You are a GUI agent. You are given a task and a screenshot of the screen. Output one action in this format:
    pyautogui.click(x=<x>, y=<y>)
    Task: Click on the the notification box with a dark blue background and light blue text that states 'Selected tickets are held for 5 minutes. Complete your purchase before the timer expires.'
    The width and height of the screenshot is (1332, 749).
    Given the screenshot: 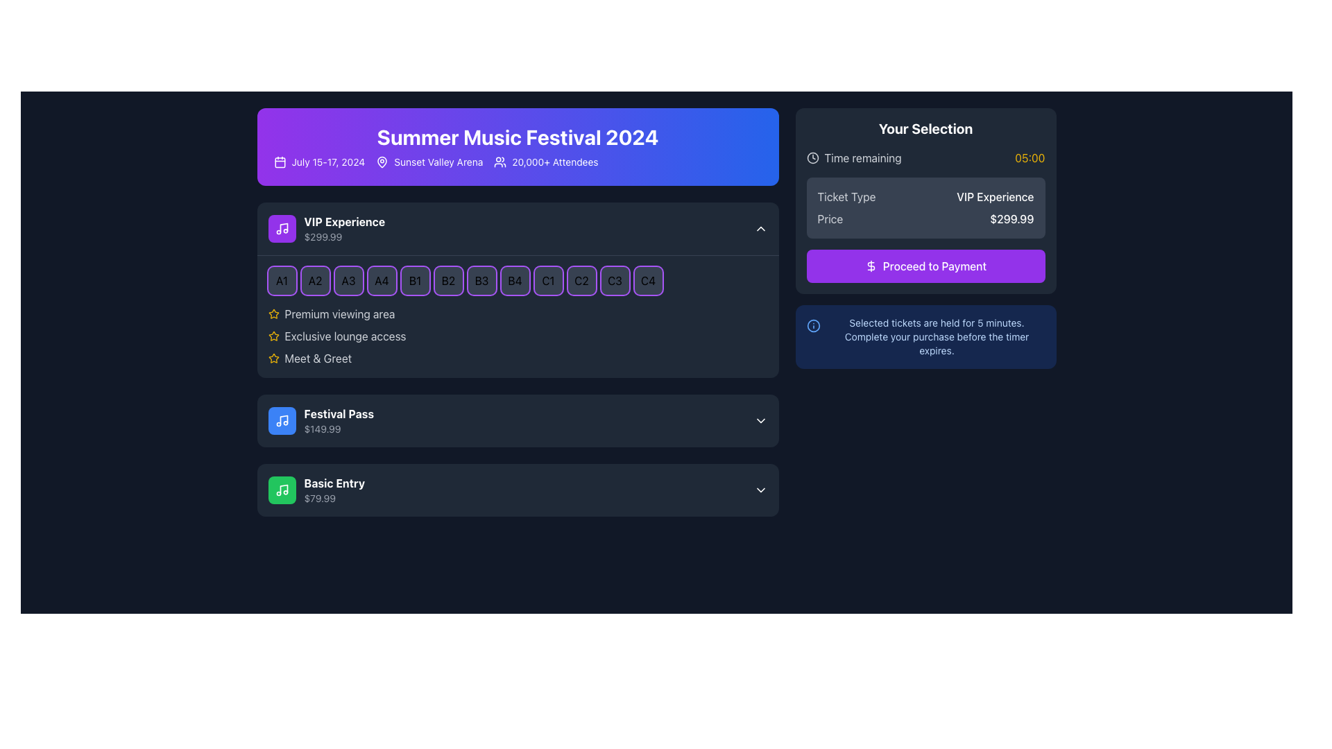 What is the action you would take?
    pyautogui.click(x=925, y=337)
    